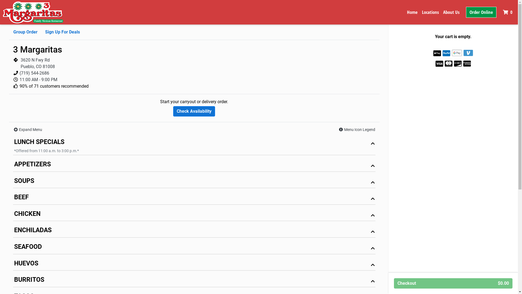  I want to click on 'Accepts Venmo', so click(468, 53).